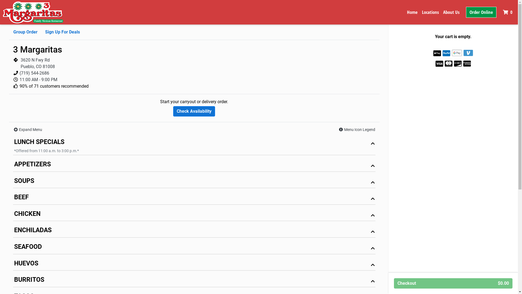  I want to click on 'Accepts Venmo', so click(468, 53).